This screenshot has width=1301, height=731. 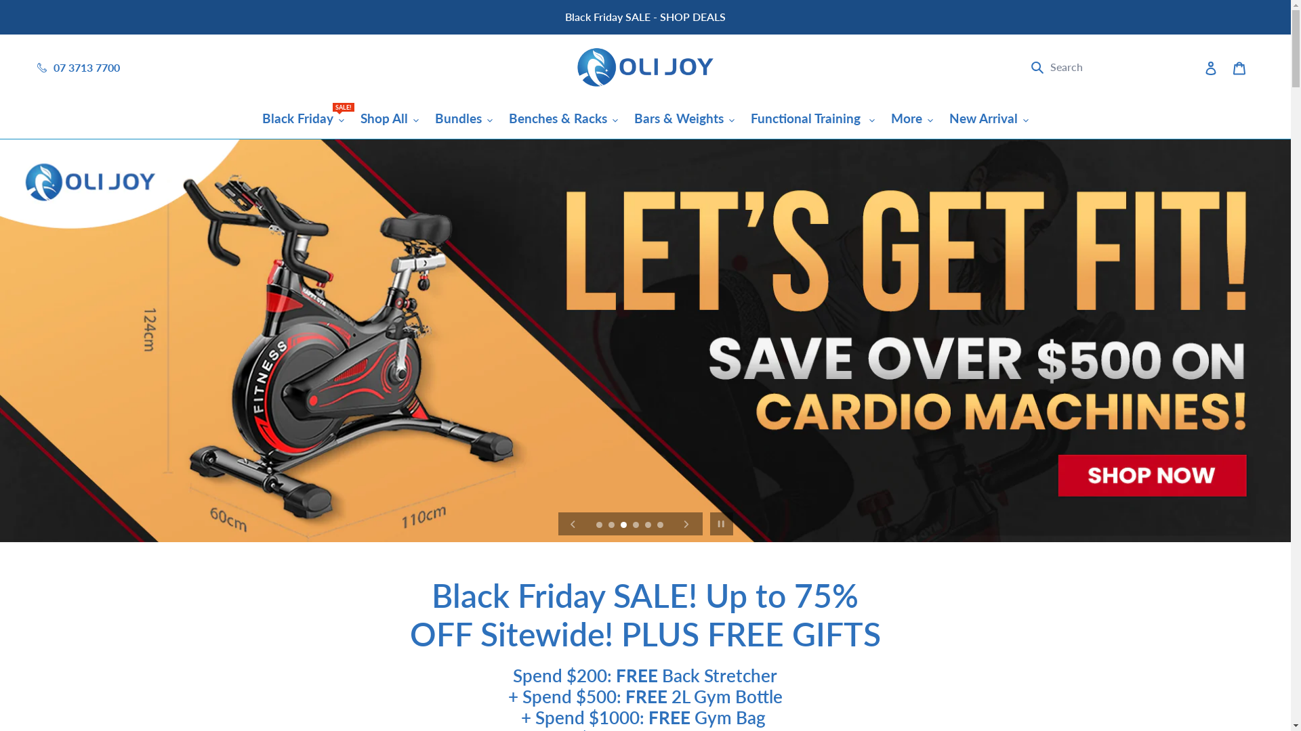 I want to click on 'Functional Training', so click(x=812, y=118).